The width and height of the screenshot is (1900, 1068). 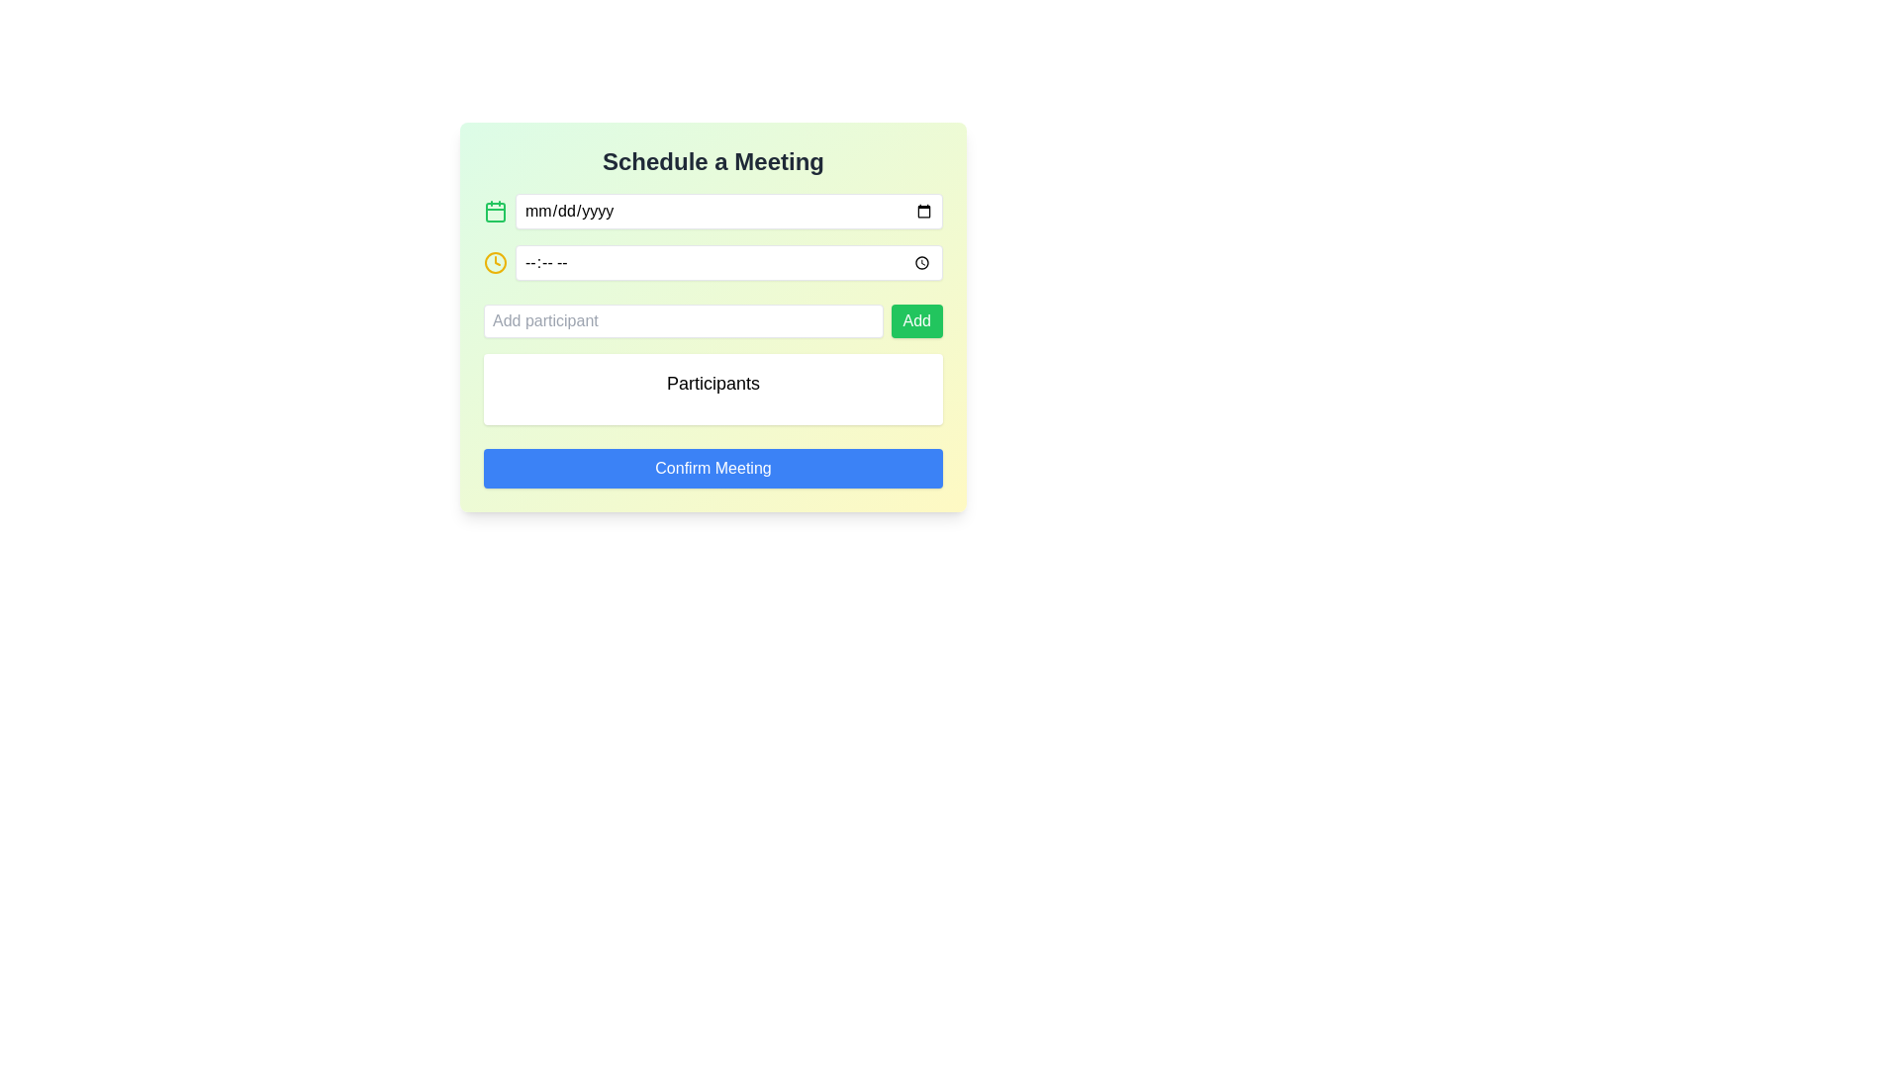 What do you see at coordinates (712, 389) in the screenshot?
I see `the 'Participants' static text header which is a rectangular section with a white background, rounded corners, and shadow effect, located within the 'Schedule a Meeting' form` at bounding box center [712, 389].